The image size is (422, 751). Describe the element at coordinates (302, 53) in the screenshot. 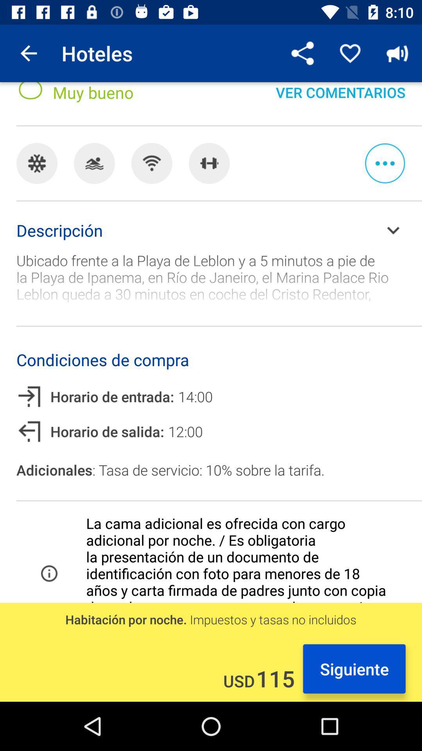

I see `item next to the muy bueno item` at that location.